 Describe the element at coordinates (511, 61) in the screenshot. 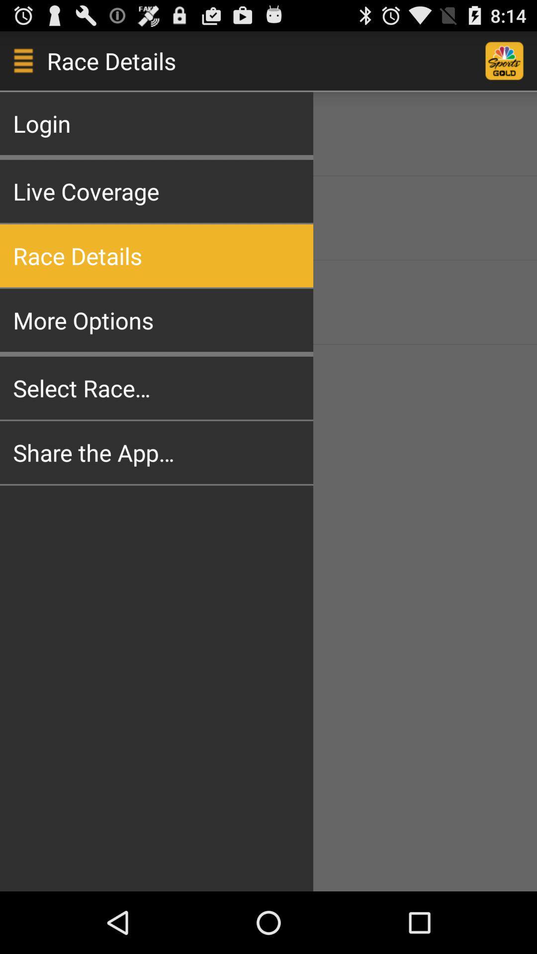

I see `the logo which is right corner of the page` at that location.